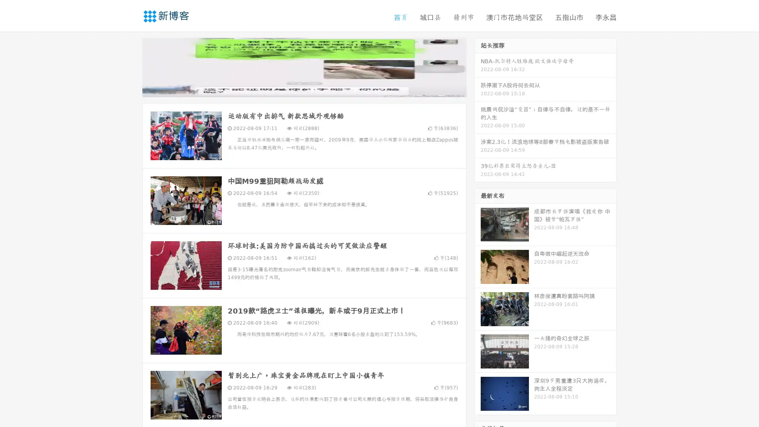 Image resolution: width=759 pixels, height=427 pixels. Describe the element at coordinates (478, 66) in the screenshot. I see `Next slide` at that location.